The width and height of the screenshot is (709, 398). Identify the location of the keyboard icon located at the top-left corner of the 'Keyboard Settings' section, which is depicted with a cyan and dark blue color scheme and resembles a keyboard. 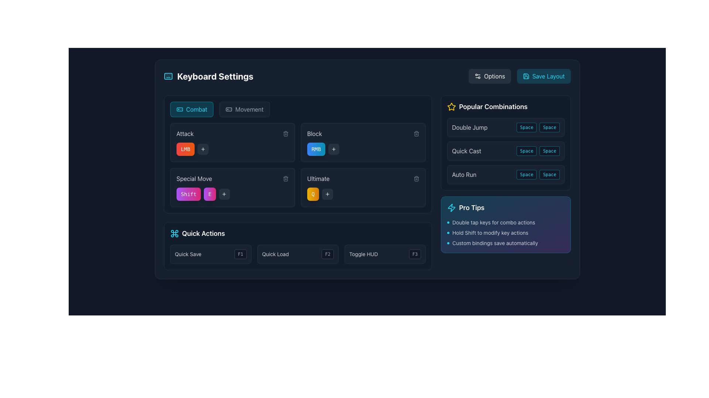
(168, 76).